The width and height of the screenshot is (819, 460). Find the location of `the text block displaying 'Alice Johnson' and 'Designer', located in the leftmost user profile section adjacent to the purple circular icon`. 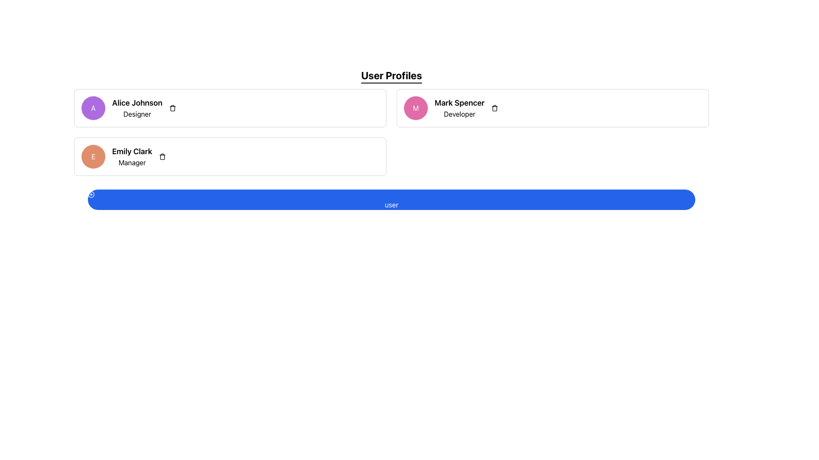

the text block displaying 'Alice Johnson' and 'Designer', located in the leftmost user profile section adjacent to the purple circular icon is located at coordinates (137, 108).